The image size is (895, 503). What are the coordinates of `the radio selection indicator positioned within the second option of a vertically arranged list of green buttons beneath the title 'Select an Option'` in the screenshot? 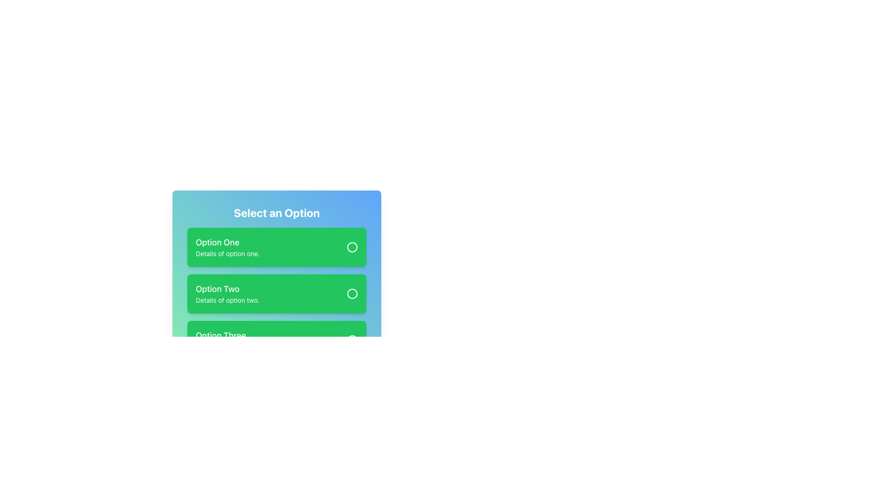 It's located at (351, 294).